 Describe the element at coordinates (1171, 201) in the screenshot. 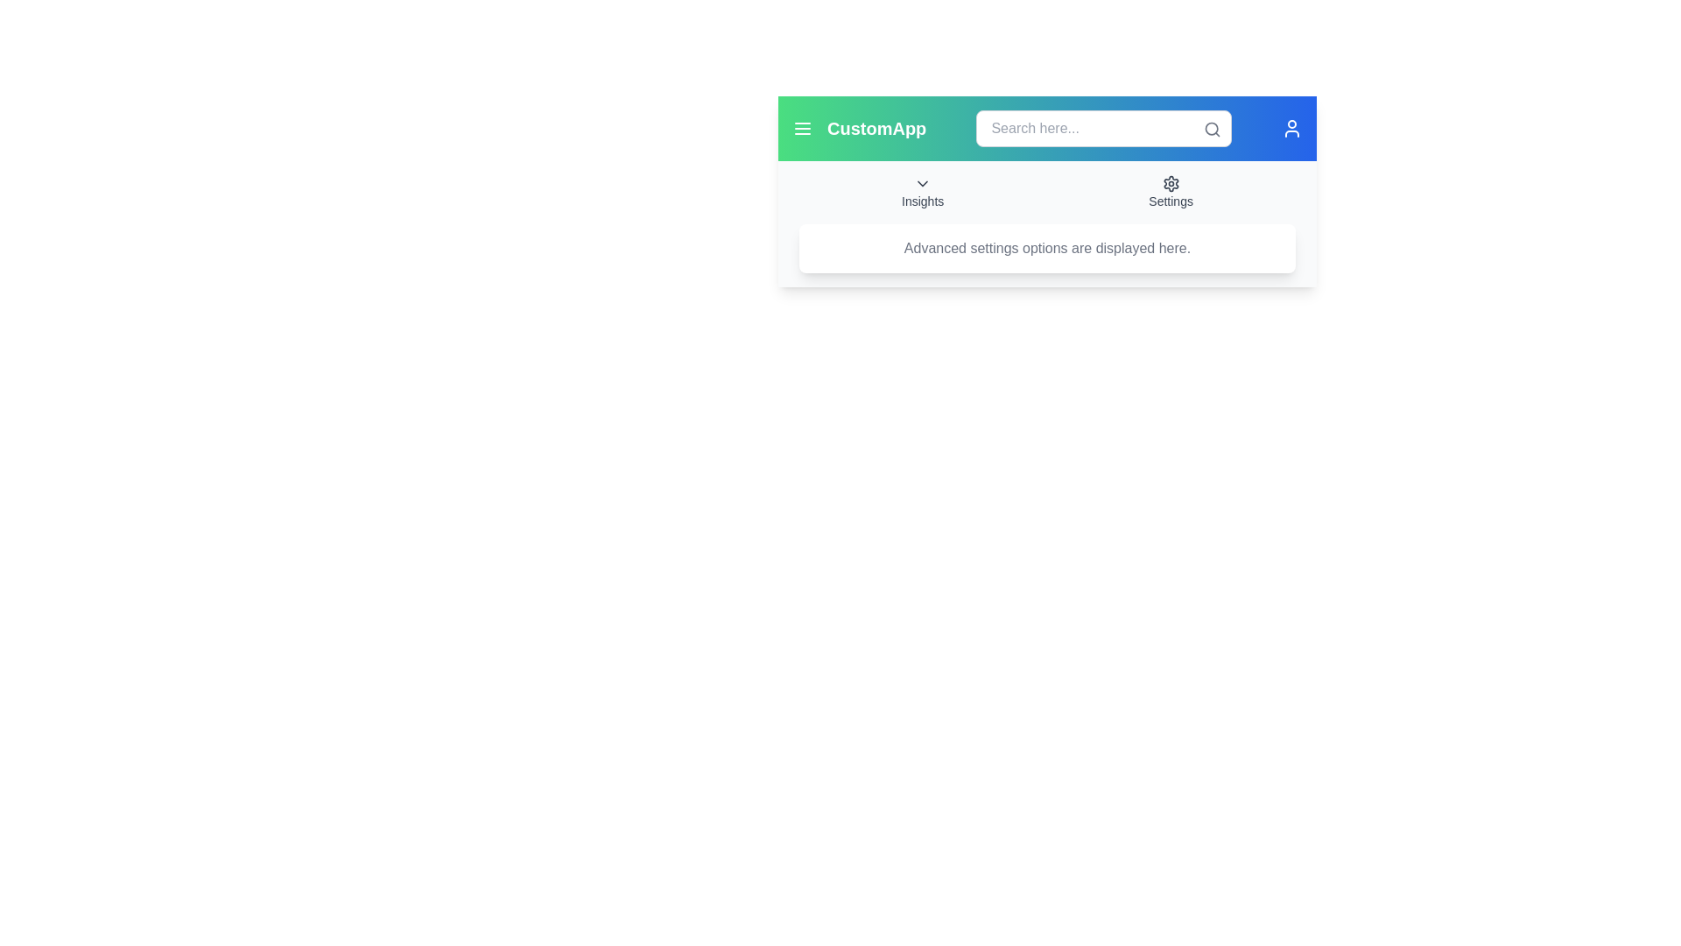

I see `the 'Settings' text label, which is styled with a small font size and gray color, located below the settings cogwheel icon in the top-right section of the interface` at that location.